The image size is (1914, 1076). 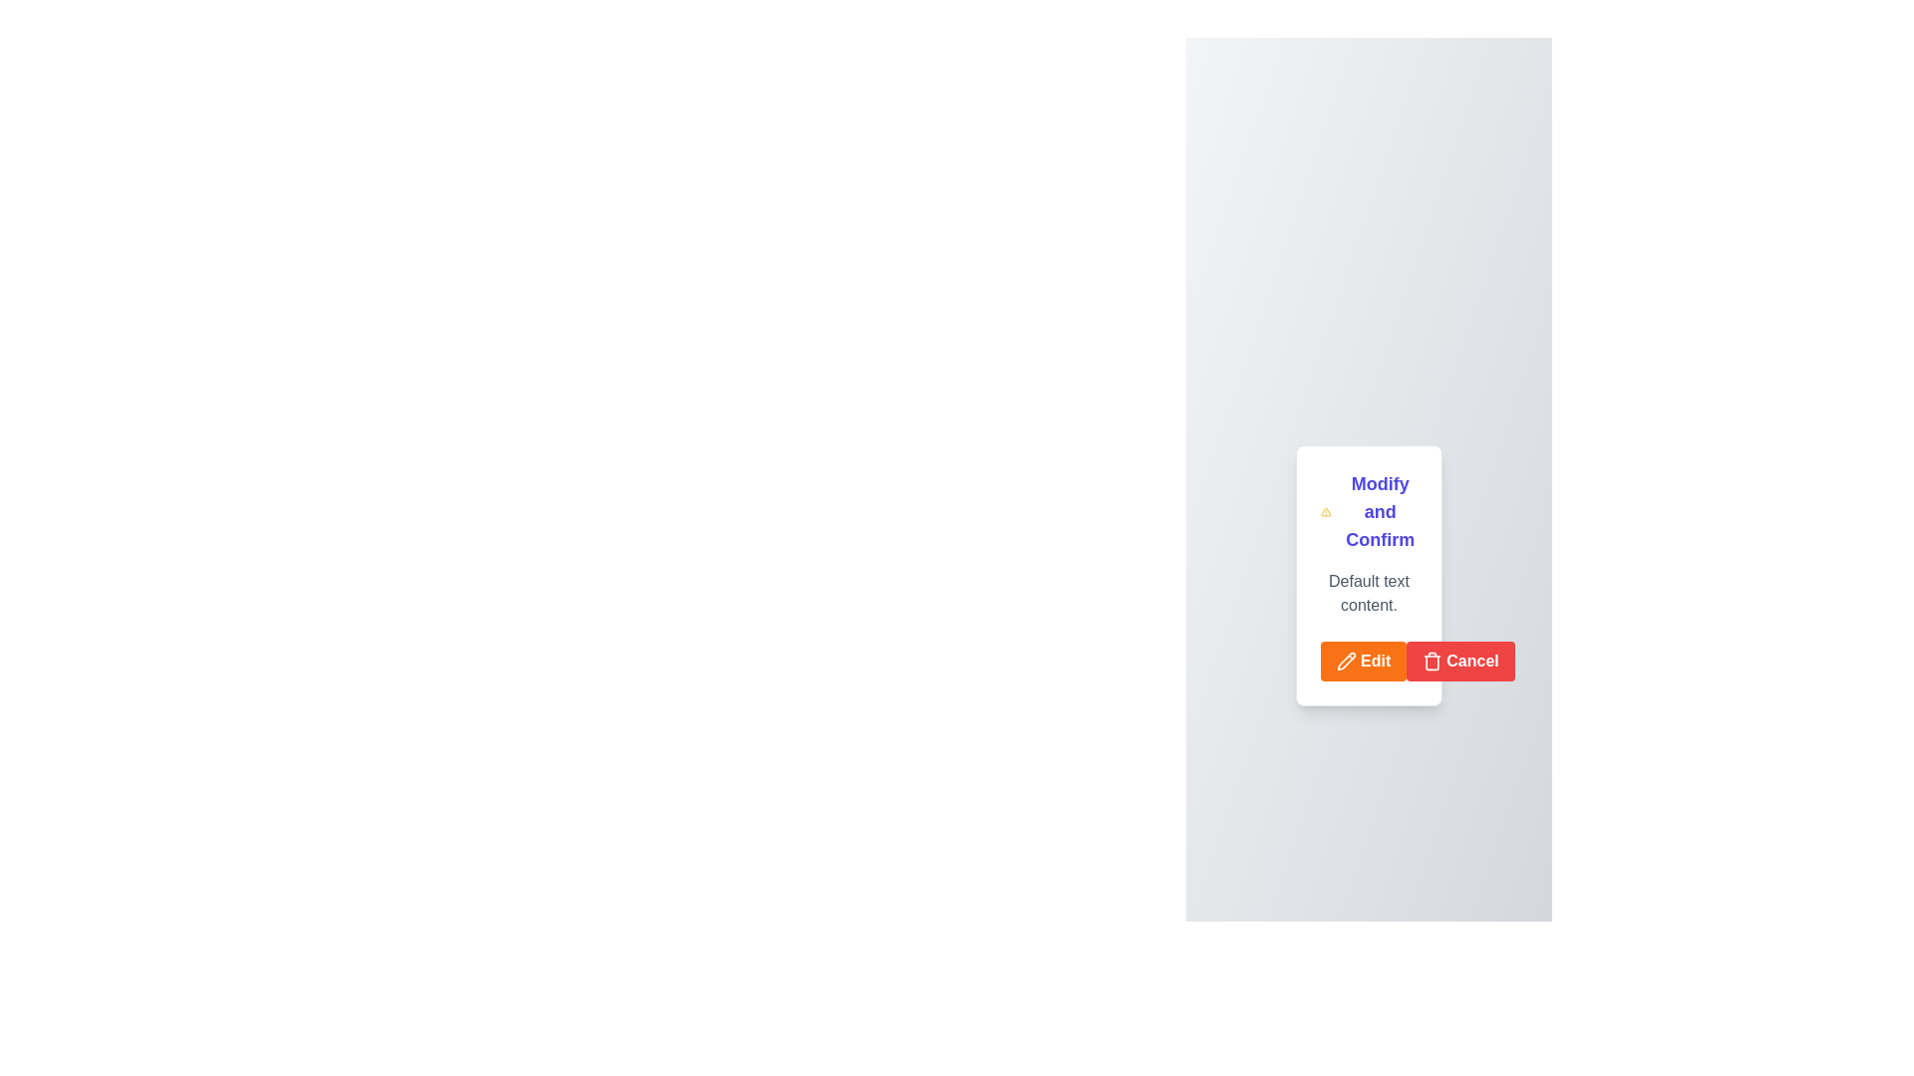 I want to click on the pencil icon within the orange 'Edit' button located at the bottom-left corner of the card interface, so click(x=1347, y=661).